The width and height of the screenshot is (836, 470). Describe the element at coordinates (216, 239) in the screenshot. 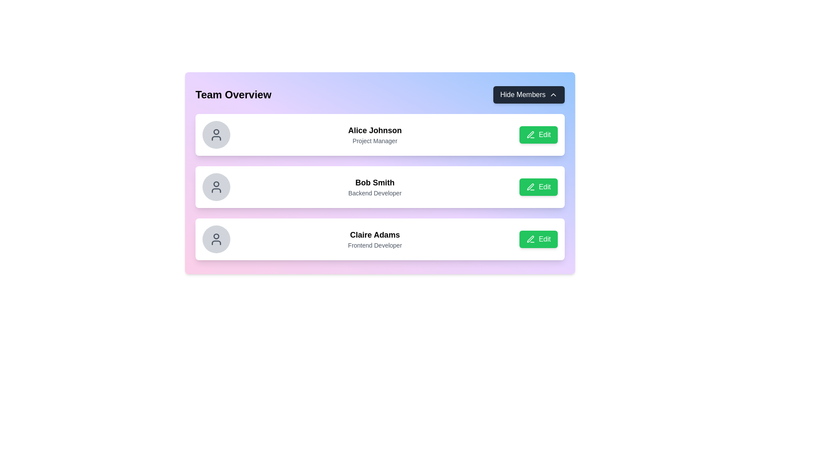

I see `the Profile icon, which is a circular avatar placeholder styled as a person silhouette with a dark gray outline, located in the leftmost position of the third row, adjacent to 'Claire Adams' and her title 'Frontend Developer'` at that location.